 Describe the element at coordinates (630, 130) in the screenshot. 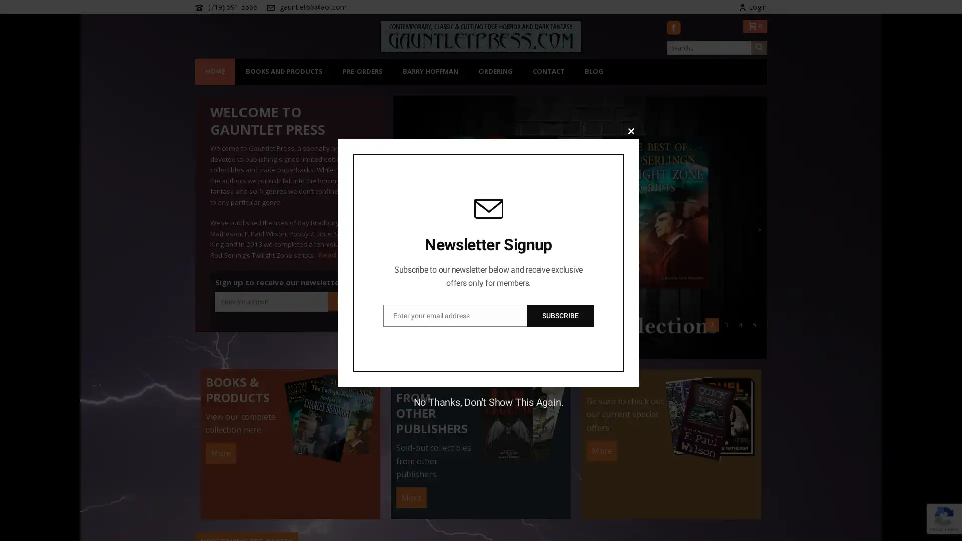

I see `Close this module` at that location.